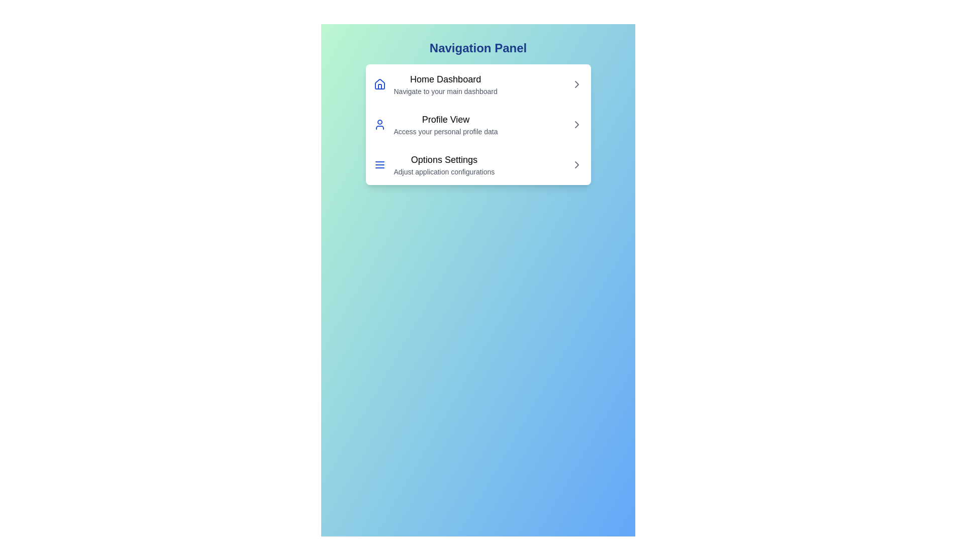 The height and width of the screenshot is (543, 965). I want to click on the menu item labeled Options Settings, so click(477, 164).